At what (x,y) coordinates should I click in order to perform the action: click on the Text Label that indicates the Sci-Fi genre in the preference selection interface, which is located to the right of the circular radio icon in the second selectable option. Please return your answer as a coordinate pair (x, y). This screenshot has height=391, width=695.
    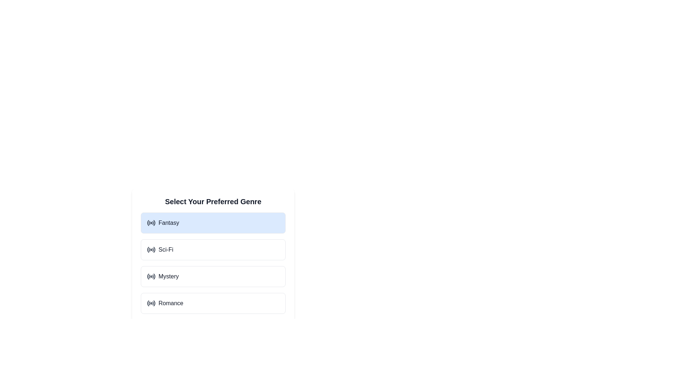
    Looking at the image, I should click on (165, 249).